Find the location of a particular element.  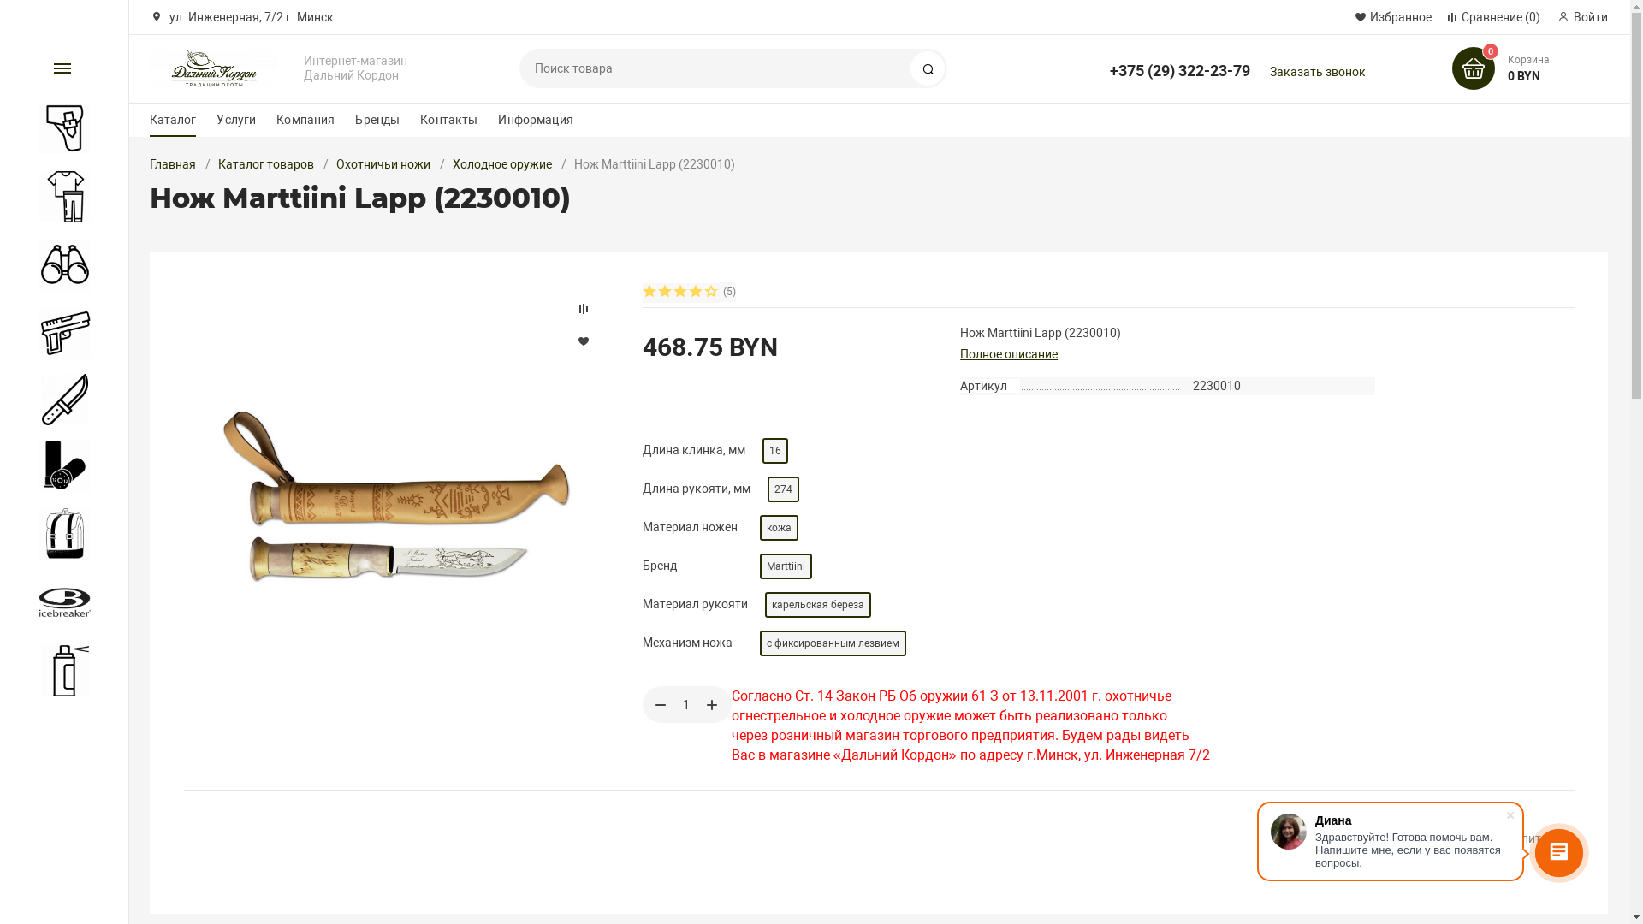

'2' is located at coordinates (664, 292).